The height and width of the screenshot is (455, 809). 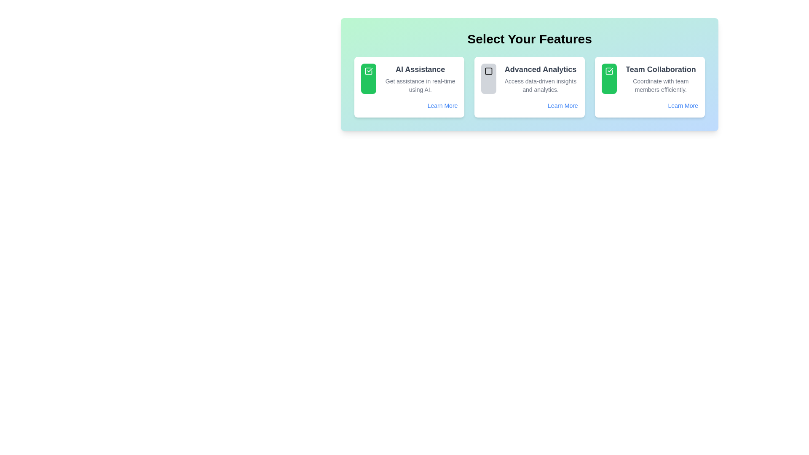 What do you see at coordinates (442, 105) in the screenshot?
I see `the 'Learn More' hyperlink, which is styled with a blue font and underlined upon hover, located beneath the 'AI Assistance' card at the bottom right corner` at bounding box center [442, 105].